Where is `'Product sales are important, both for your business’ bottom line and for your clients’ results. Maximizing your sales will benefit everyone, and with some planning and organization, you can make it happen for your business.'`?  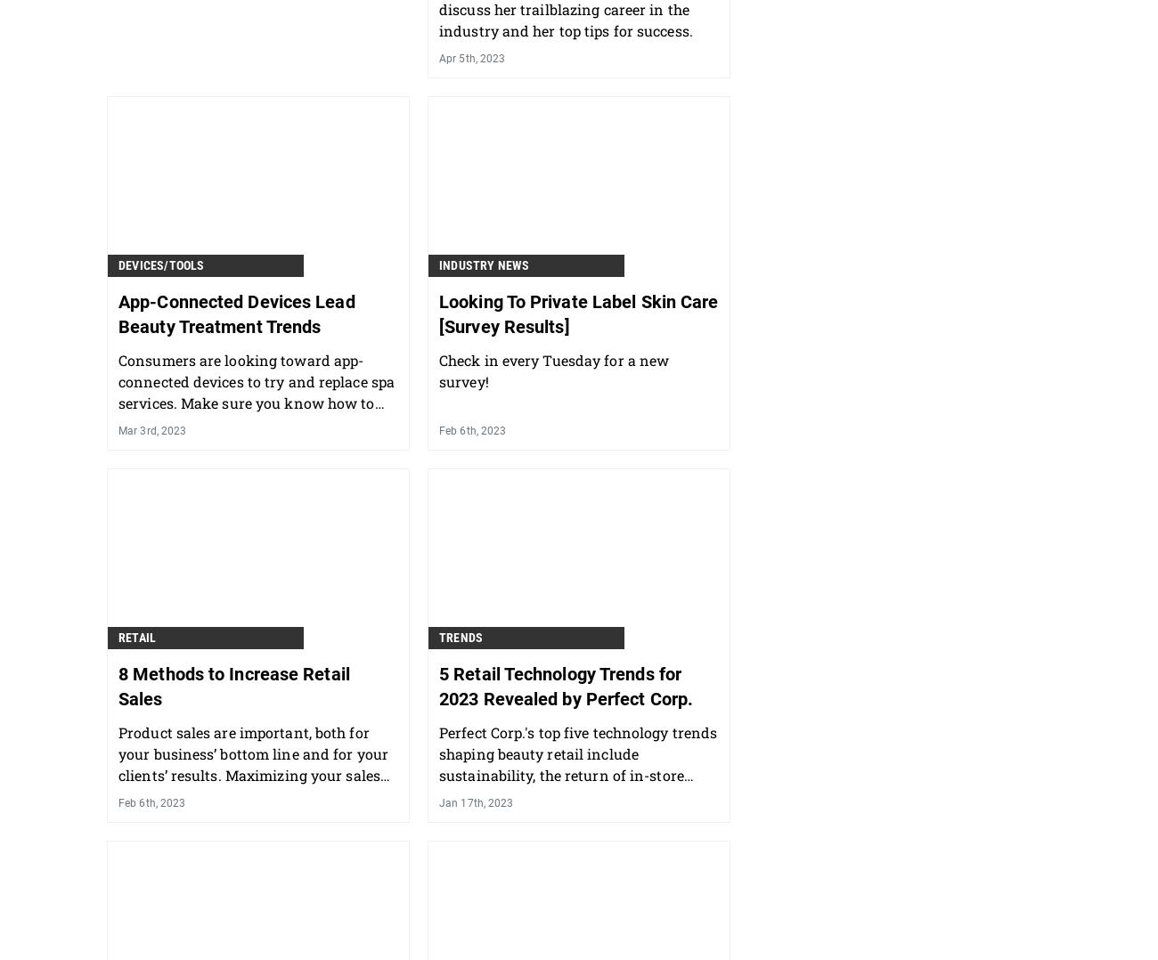 'Product sales are important, both for your business’ bottom line and for your clients’ results. Maximizing your sales will benefit everyone, and with some planning and organization, you can make it happen for your business.' is located at coordinates (253, 785).